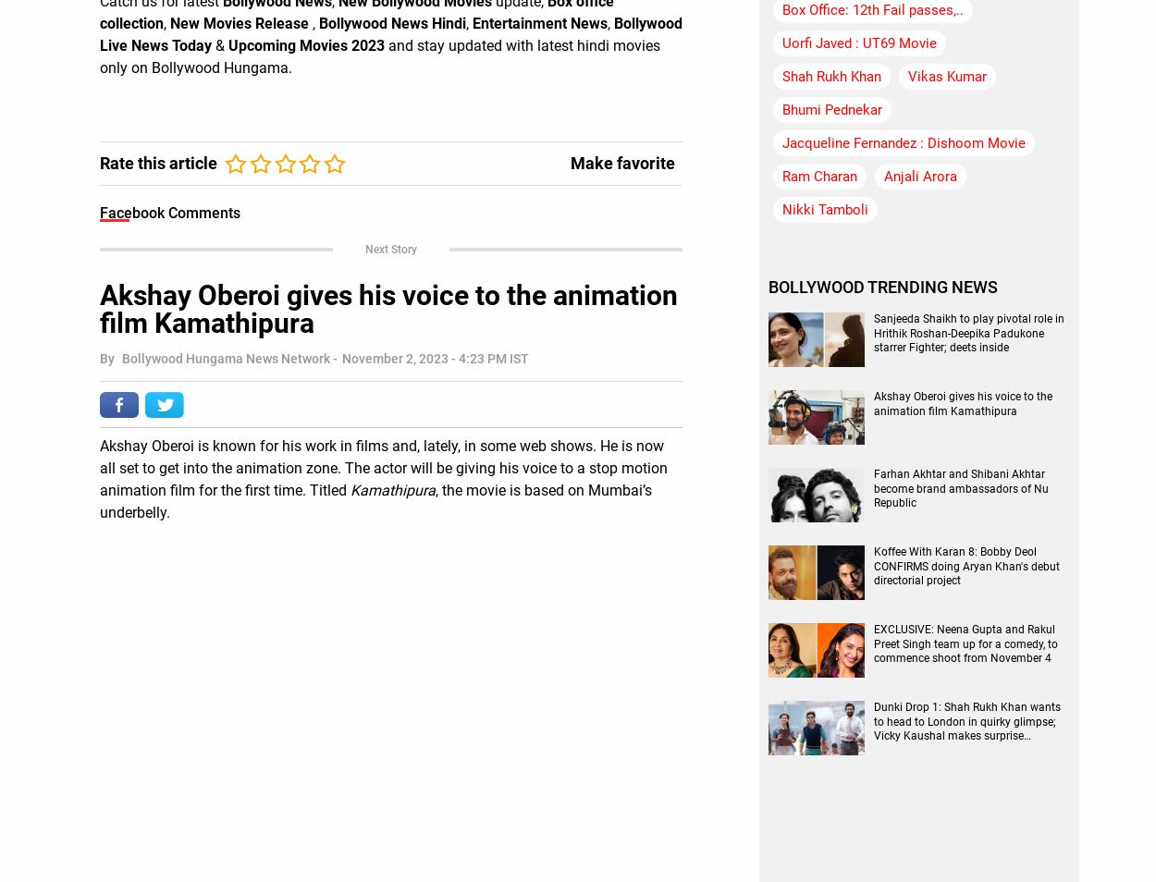 The height and width of the screenshot is (882, 1156). Describe the element at coordinates (305, 43) in the screenshot. I see `'Upcoming Movies 2023'` at that location.